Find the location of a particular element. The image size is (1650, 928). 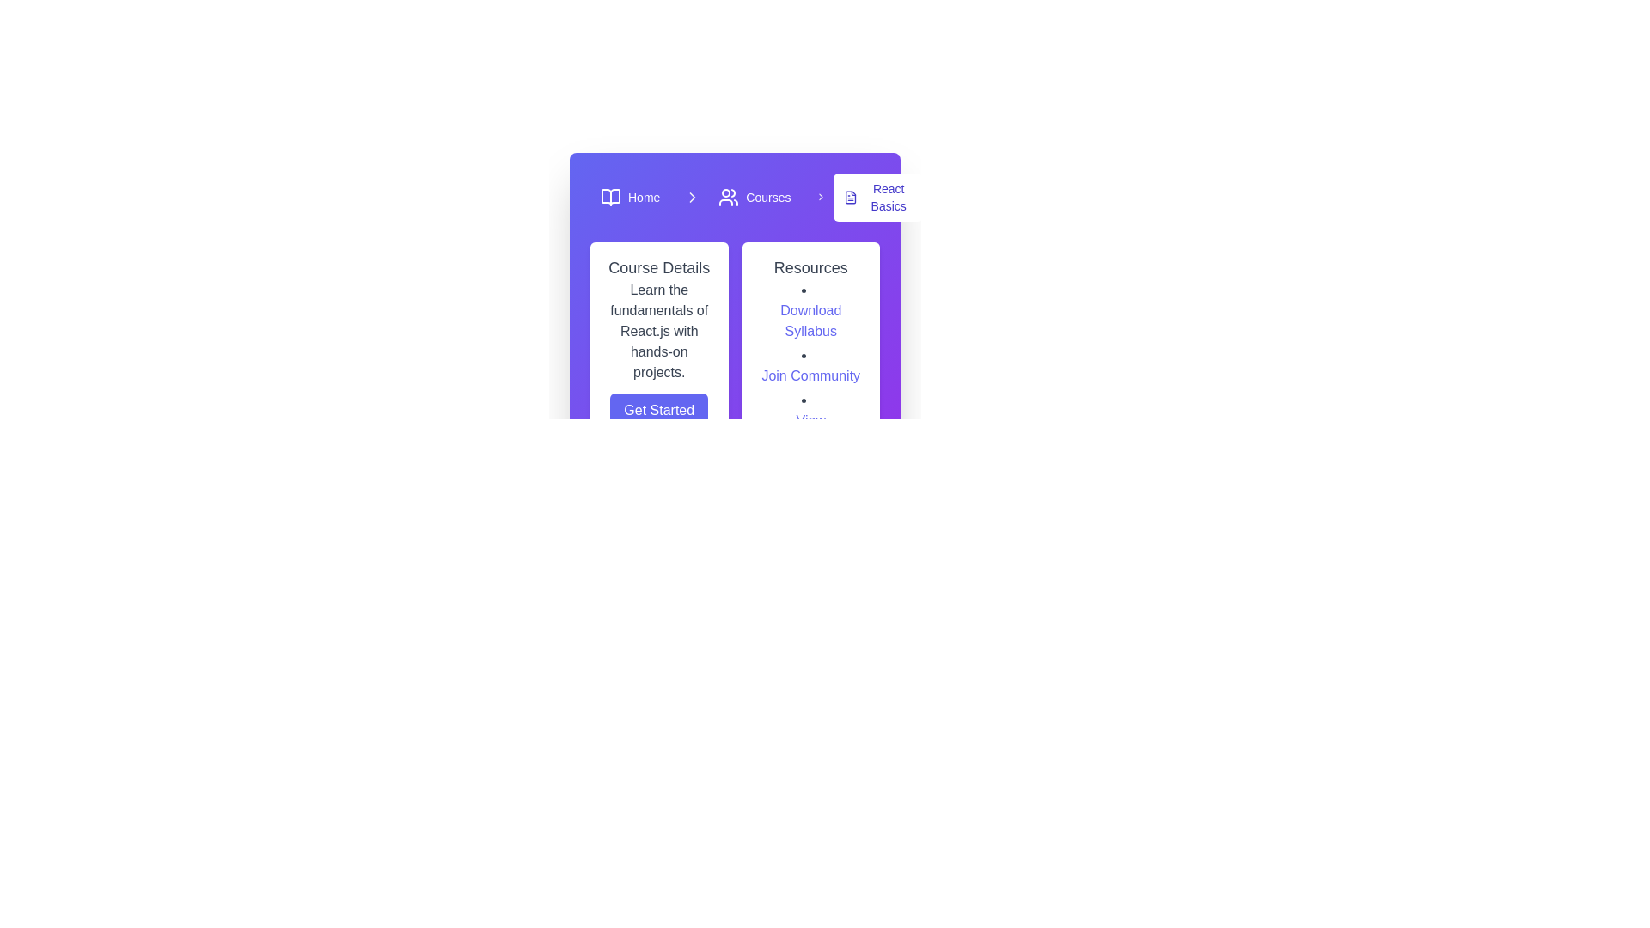

the navigational button that redirects to the home page, located at the top left of the navigation bar is located at coordinates (629, 197).